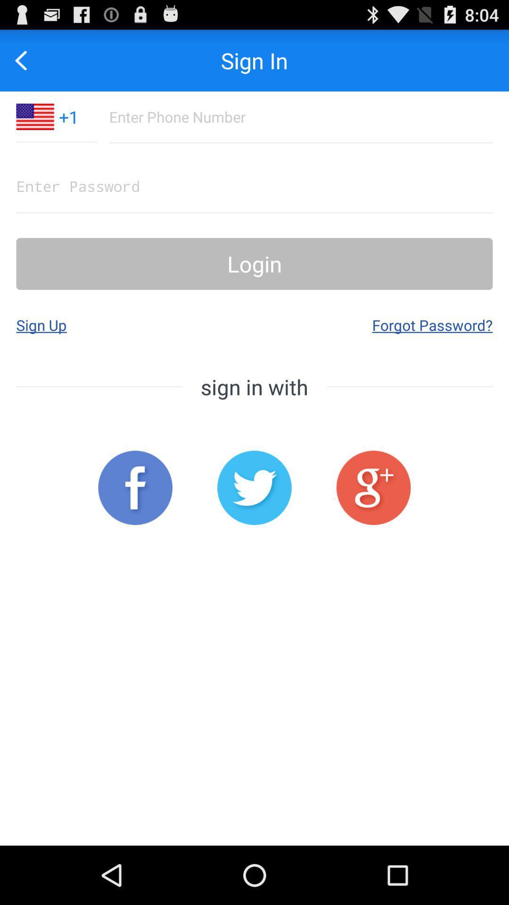  What do you see at coordinates (254, 488) in the screenshot?
I see `the app below the sign in with icon` at bounding box center [254, 488].